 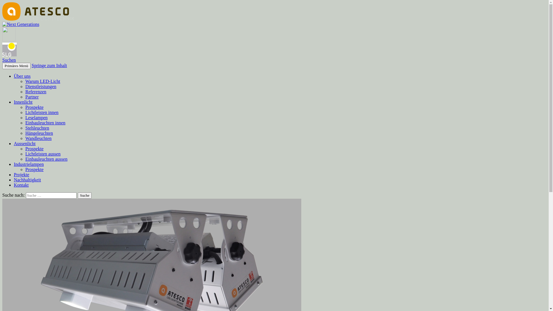 I want to click on 'Stehleuchten', so click(x=37, y=128).